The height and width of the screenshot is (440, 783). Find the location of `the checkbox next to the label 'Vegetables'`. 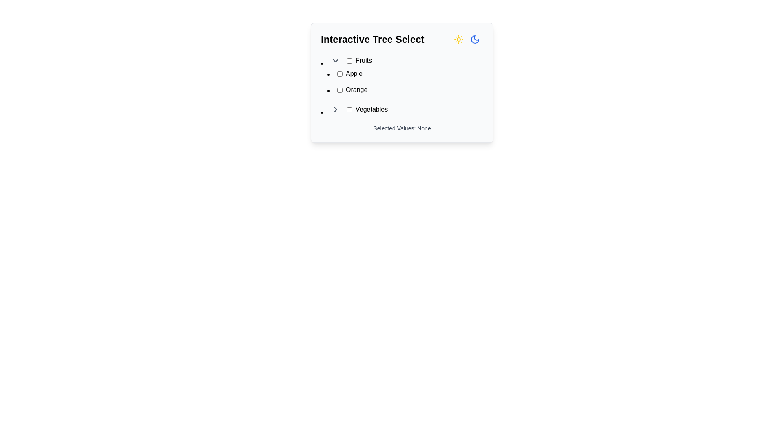

the checkbox next to the label 'Vegetables' is located at coordinates (349, 109).